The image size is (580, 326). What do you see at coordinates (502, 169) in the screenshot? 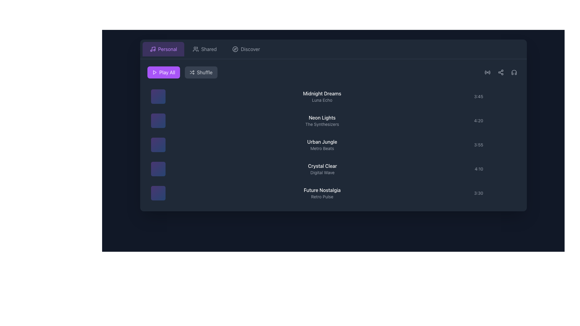
I see `the button located in the rightmost position of the row corresponding to the '4:10' entry to change its color and opacity` at bounding box center [502, 169].